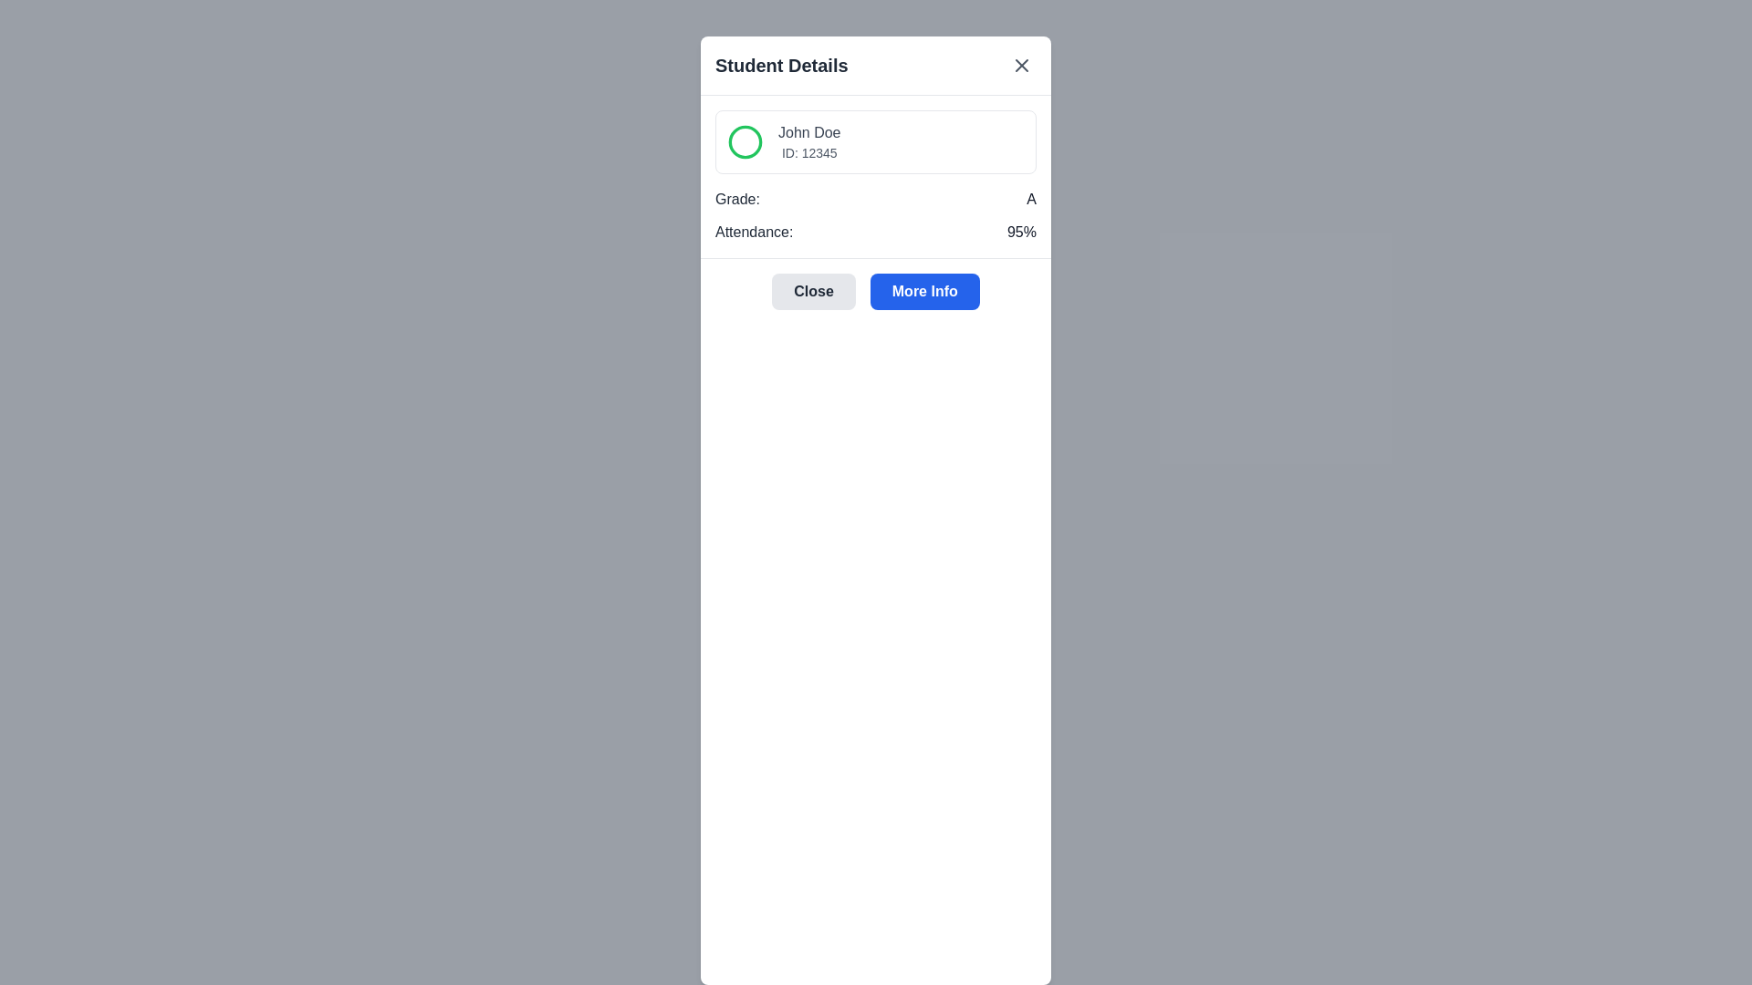 Image resolution: width=1752 pixels, height=985 pixels. I want to click on the 'close' button located in the top-right corner of the 'Student Details' popup window, so click(1020, 65).